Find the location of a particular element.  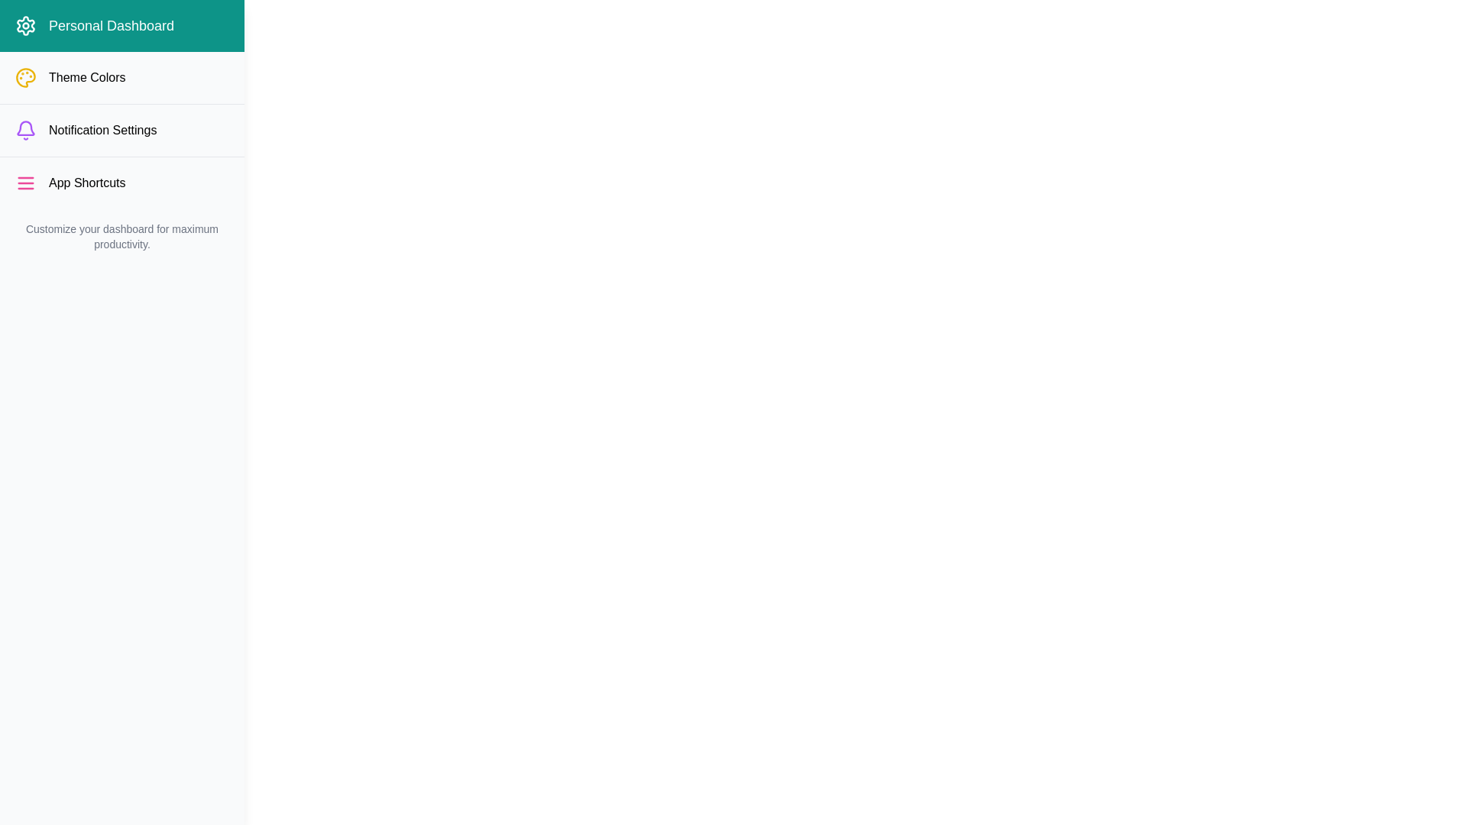

the menu item Theme Colors in the DashboardCustomizerDrawer is located at coordinates (121, 77).